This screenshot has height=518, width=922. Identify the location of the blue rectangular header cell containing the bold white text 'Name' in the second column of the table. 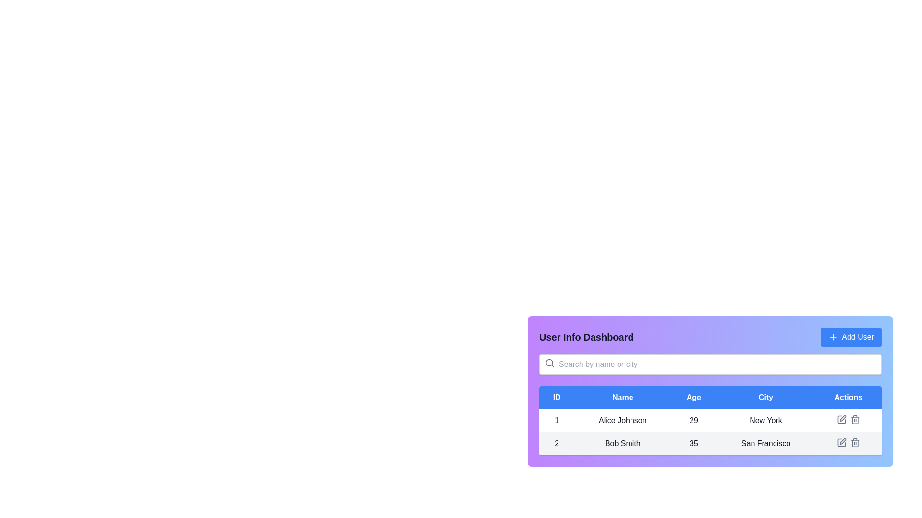
(622, 398).